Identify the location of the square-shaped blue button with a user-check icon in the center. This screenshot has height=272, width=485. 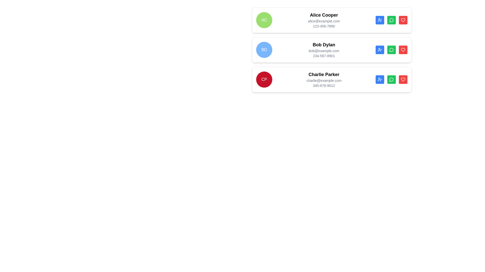
(380, 50).